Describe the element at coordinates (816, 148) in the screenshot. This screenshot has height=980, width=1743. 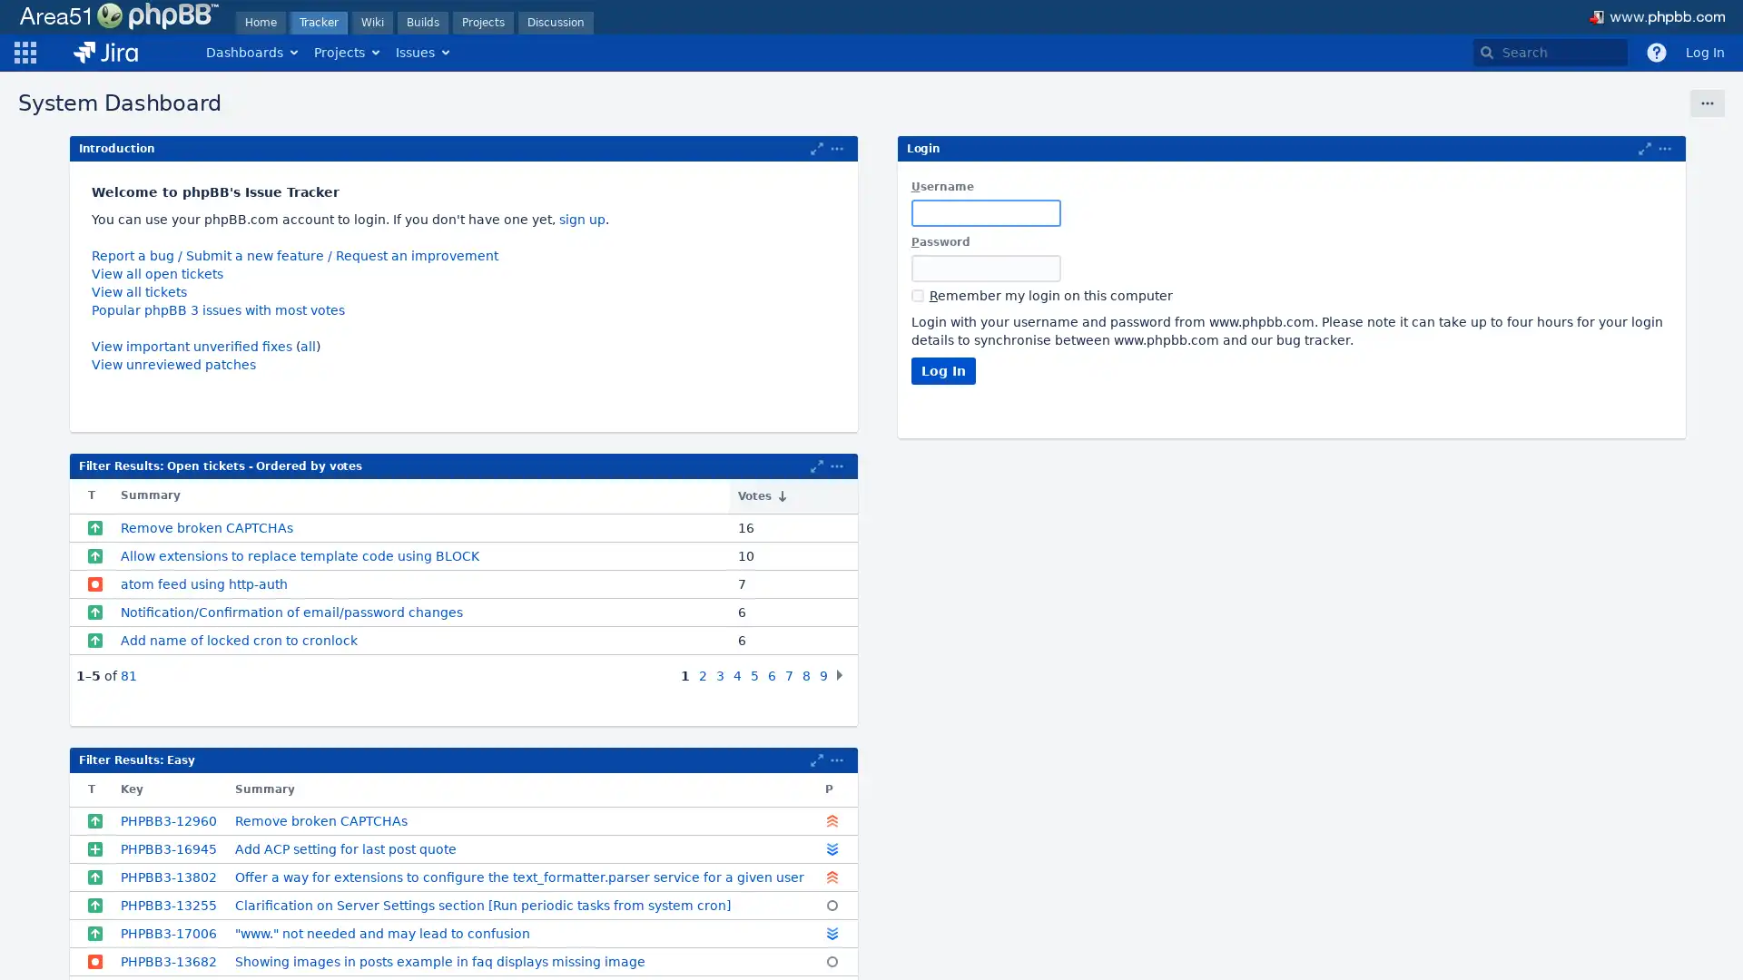
I see `Maximize` at that location.